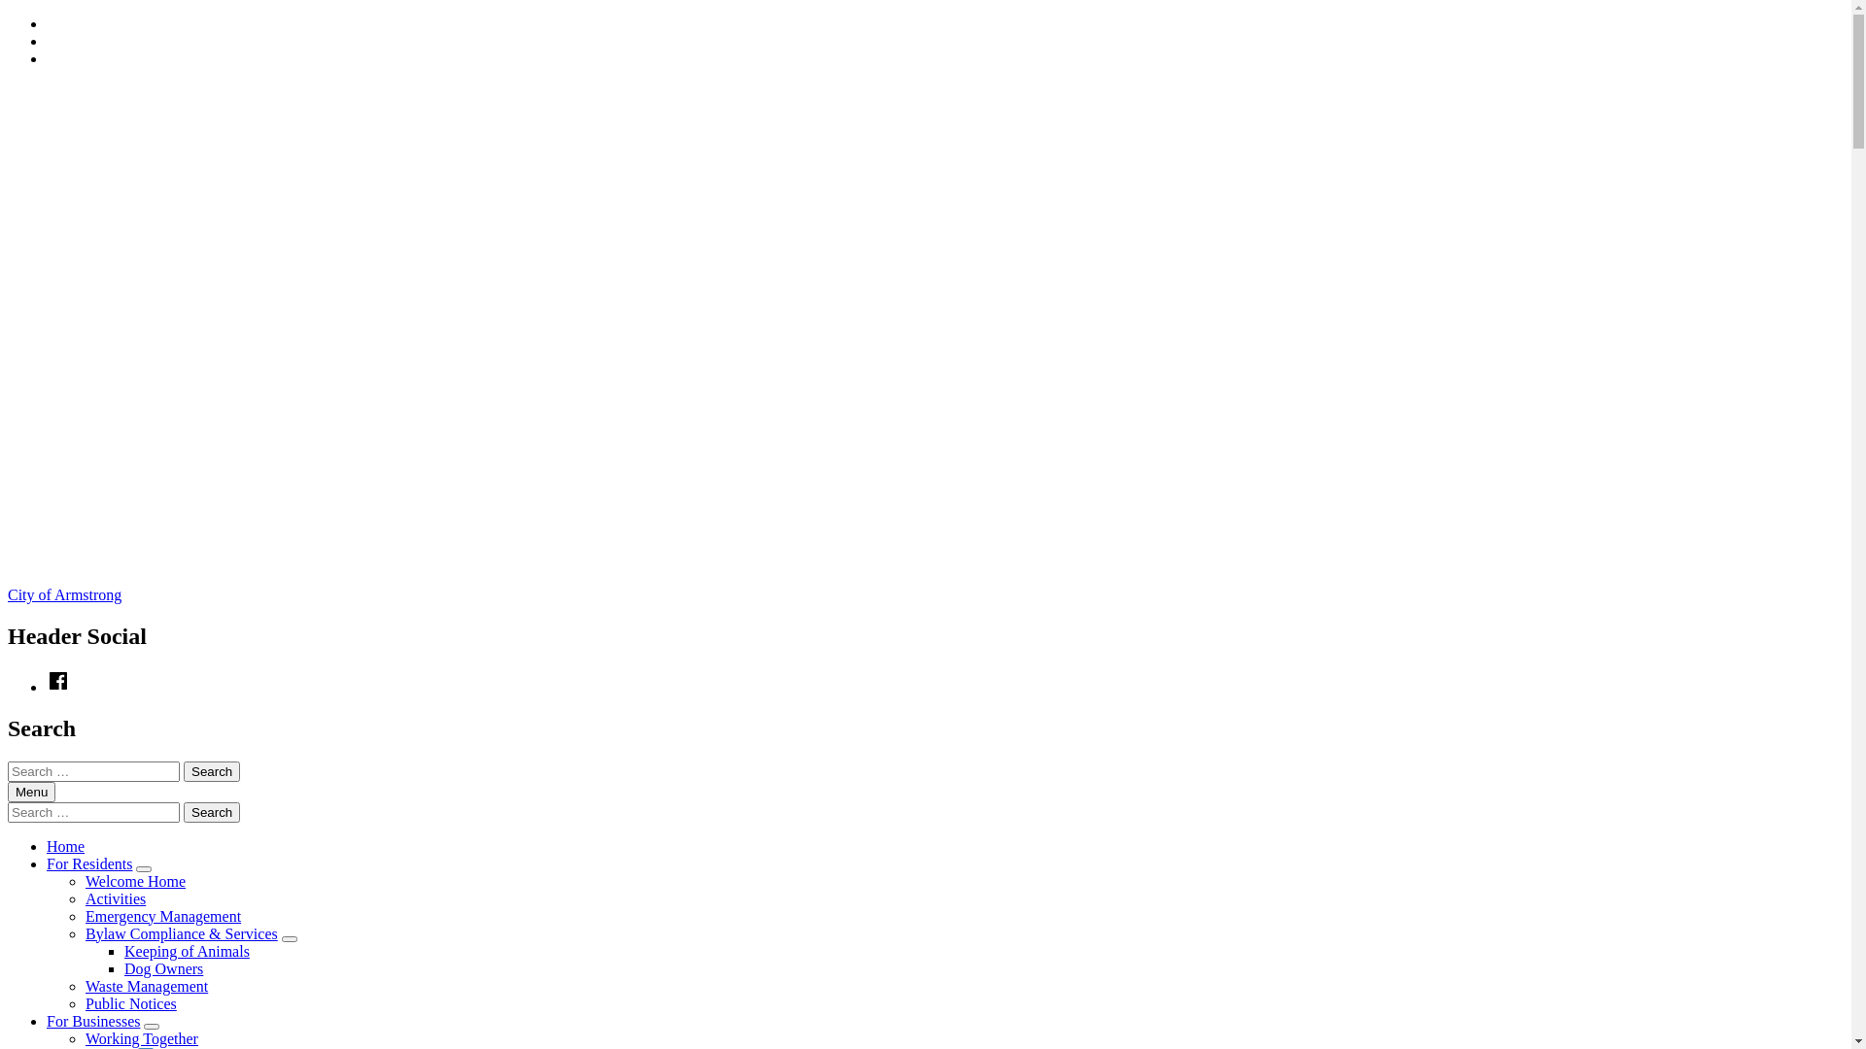  What do you see at coordinates (182, 932) in the screenshot?
I see `'Bylaw Compliance & Services'` at bounding box center [182, 932].